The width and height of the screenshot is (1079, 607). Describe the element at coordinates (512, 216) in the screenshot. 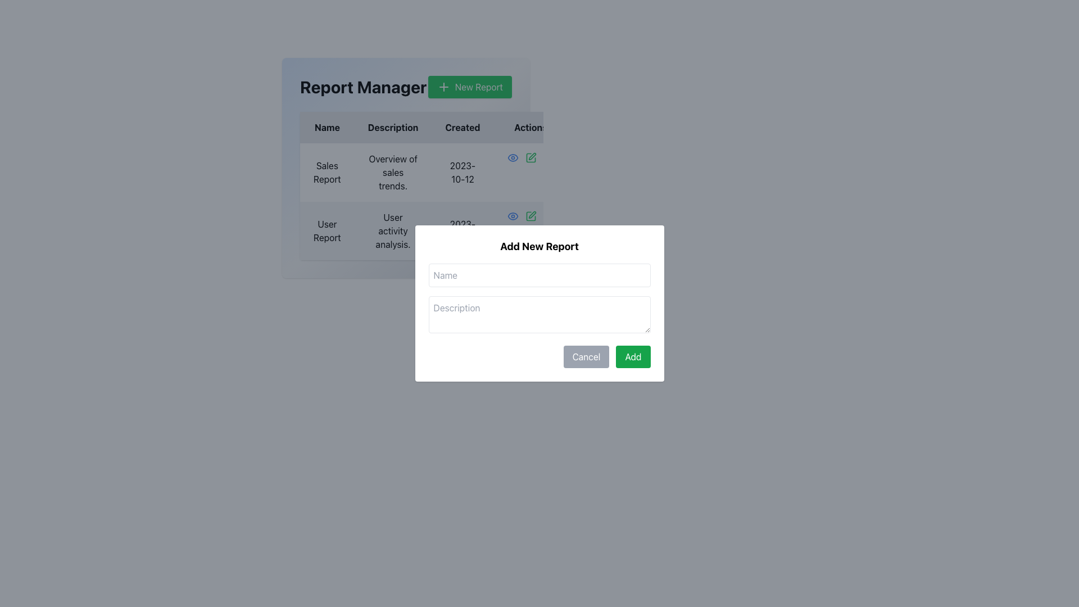

I see `the outer boundary of the eye icon in the 'Action' column of the 'Report Manager' table` at that location.